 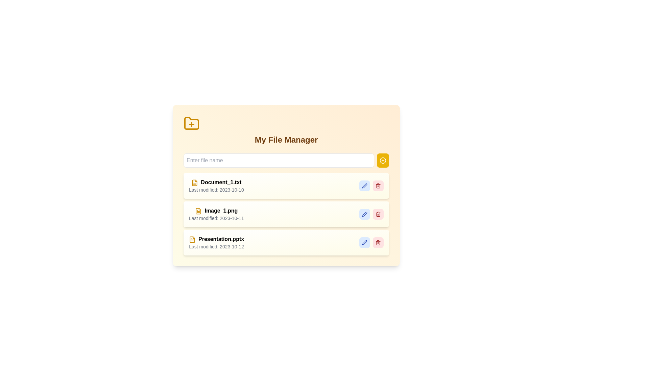 What do you see at coordinates (378, 214) in the screenshot?
I see `the trash icon located inside the last row of a list of three items` at bounding box center [378, 214].